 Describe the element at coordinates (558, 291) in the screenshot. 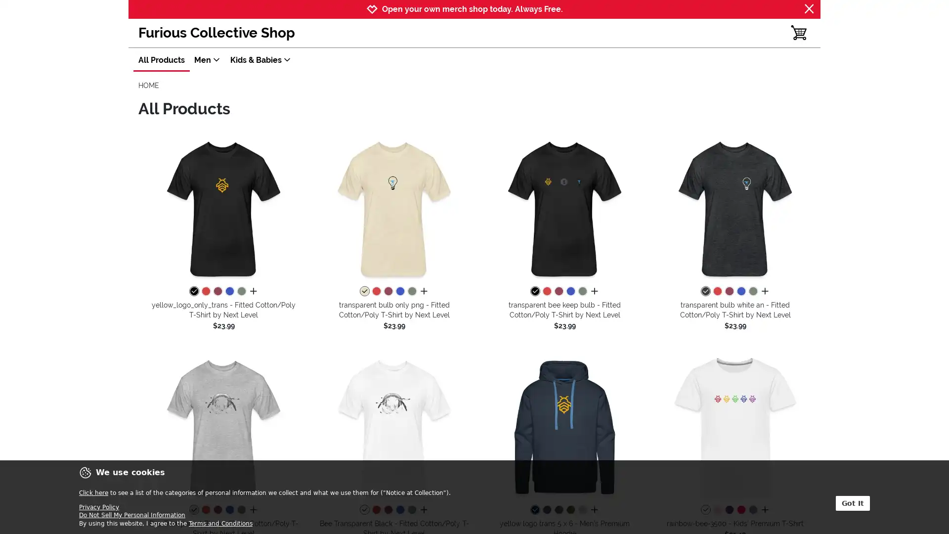

I see `heather burgundy` at that location.